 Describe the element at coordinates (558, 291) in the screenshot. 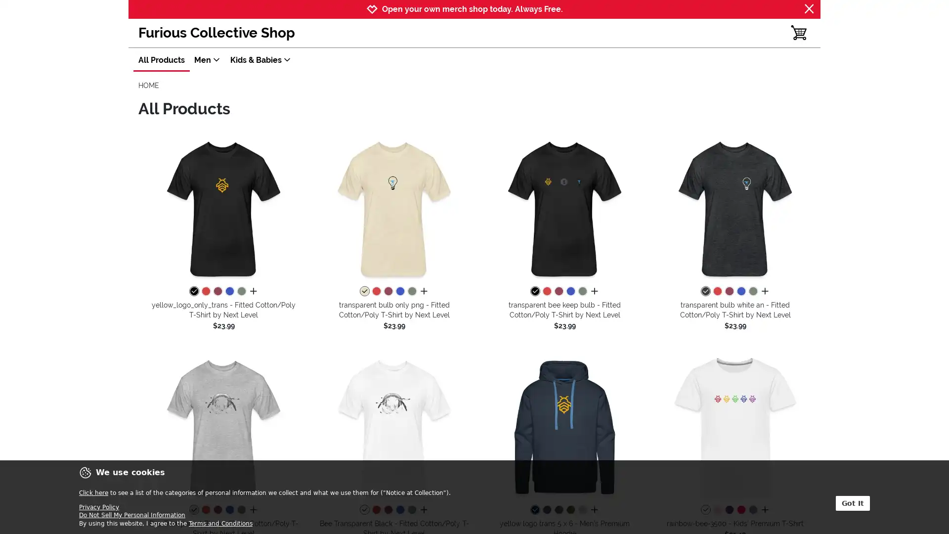

I see `heather burgundy` at that location.